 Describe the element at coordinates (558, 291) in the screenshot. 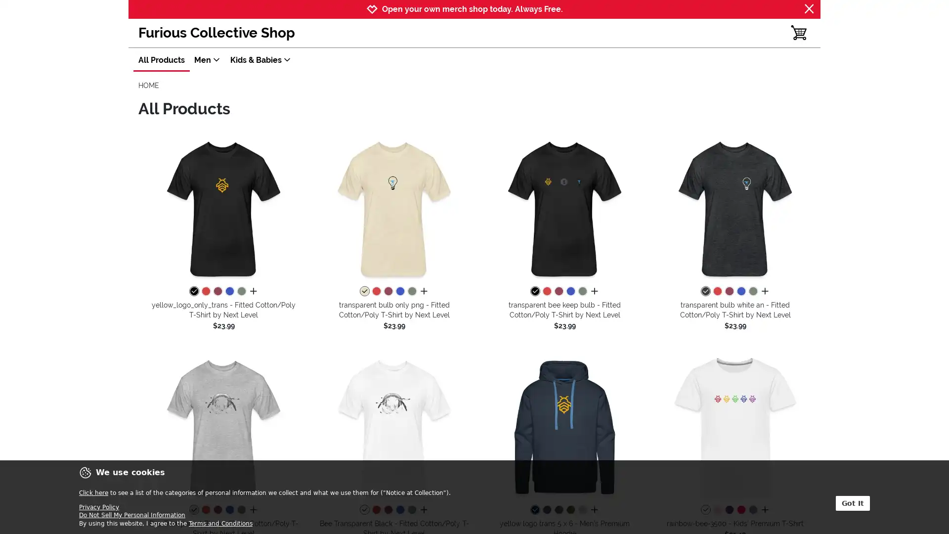

I see `heather burgundy` at that location.